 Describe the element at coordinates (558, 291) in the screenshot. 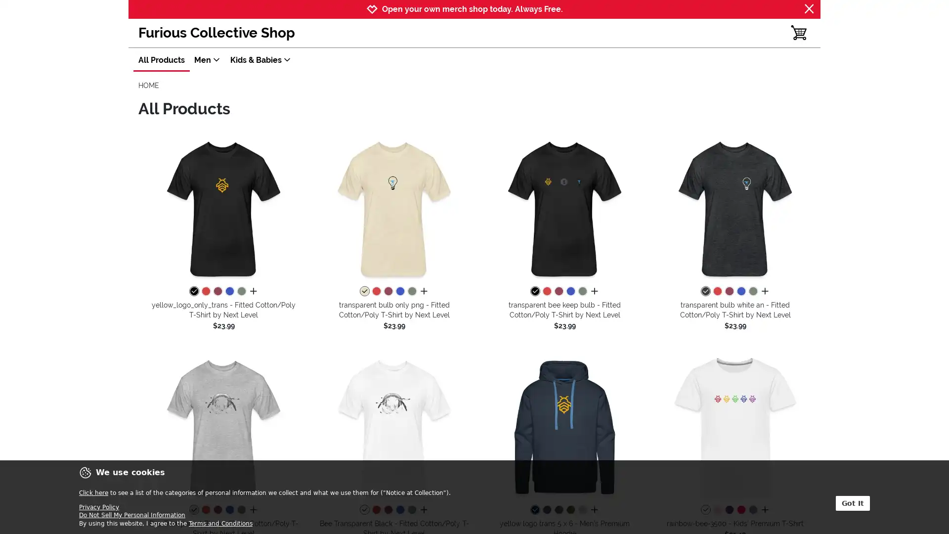

I see `heather burgundy` at that location.